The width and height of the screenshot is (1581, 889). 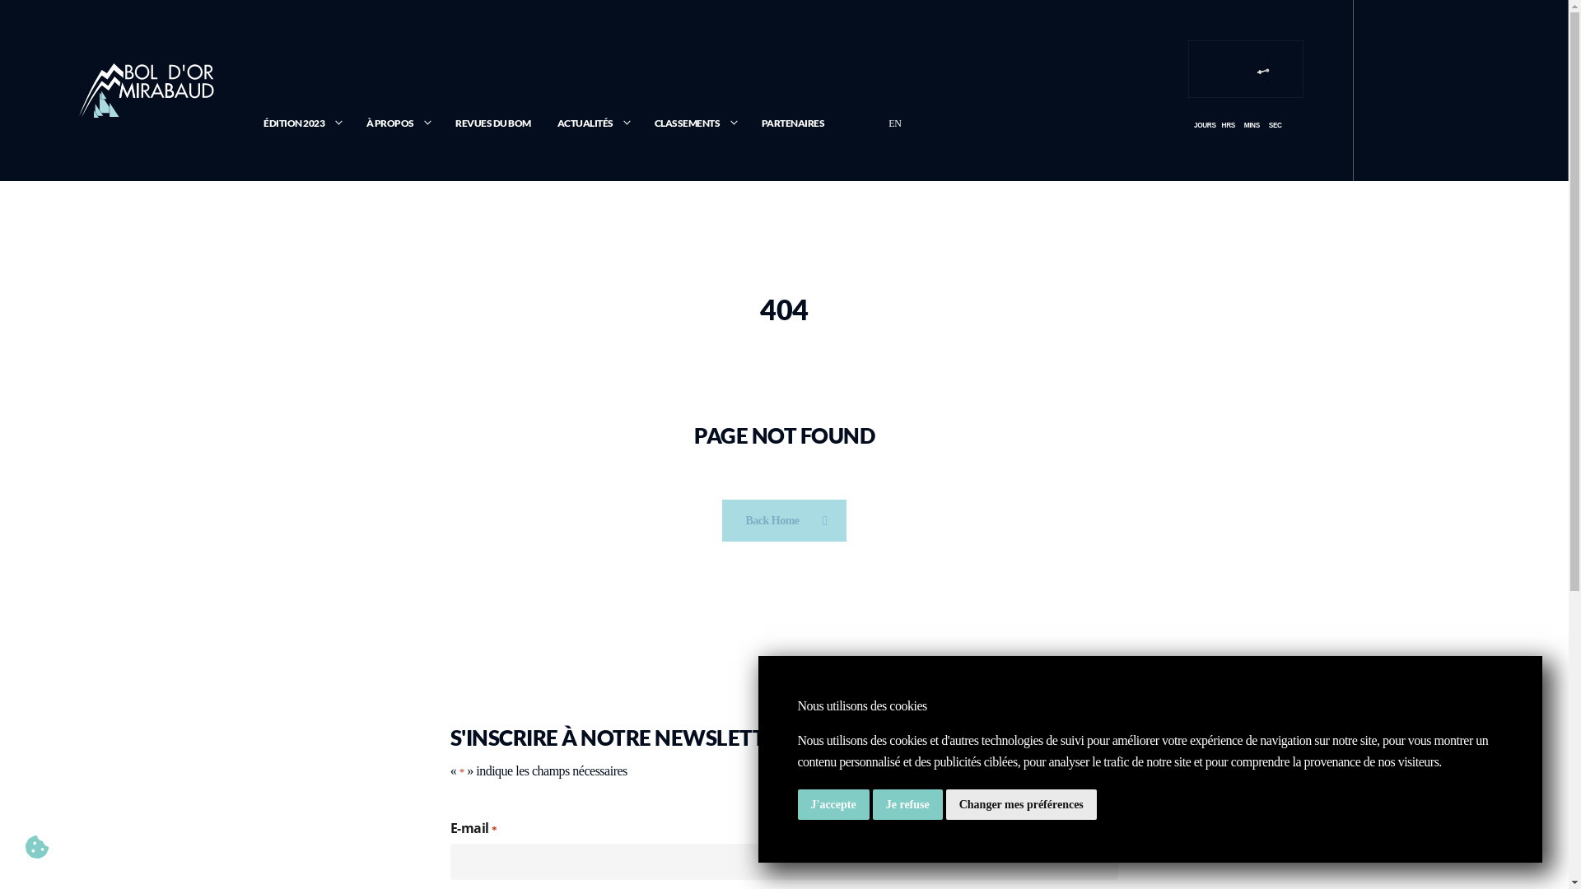 What do you see at coordinates (782, 520) in the screenshot?
I see `'Back Home'` at bounding box center [782, 520].